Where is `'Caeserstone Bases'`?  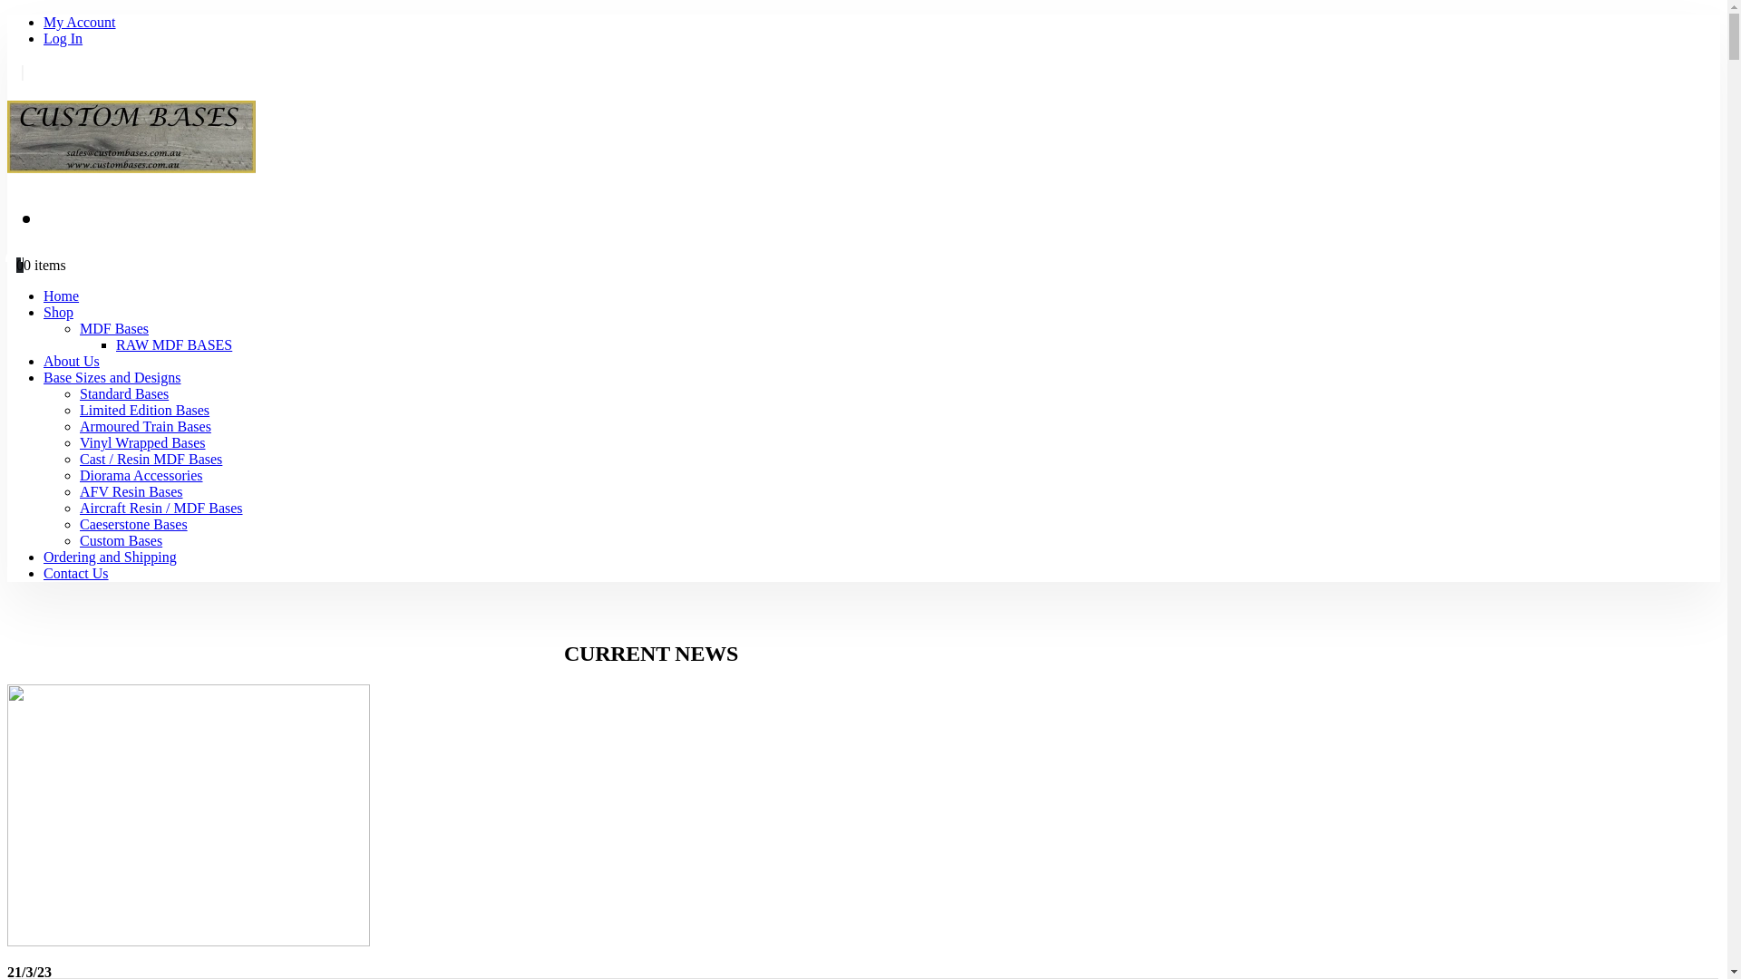 'Caeserstone Bases' is located at coordinates (78, 524).